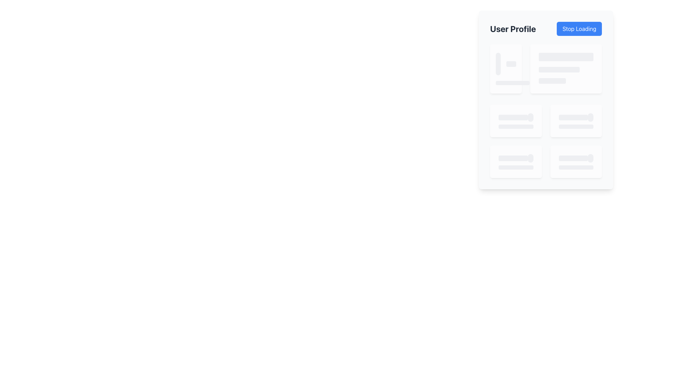 The image size is (677, 380). What do you see at coordinates (576, 161) in the screenshot?
I see `the Placeholder element located in the bottom-right corner of the grid layout, indicating a content loading state` at bounding box center [576, 161].